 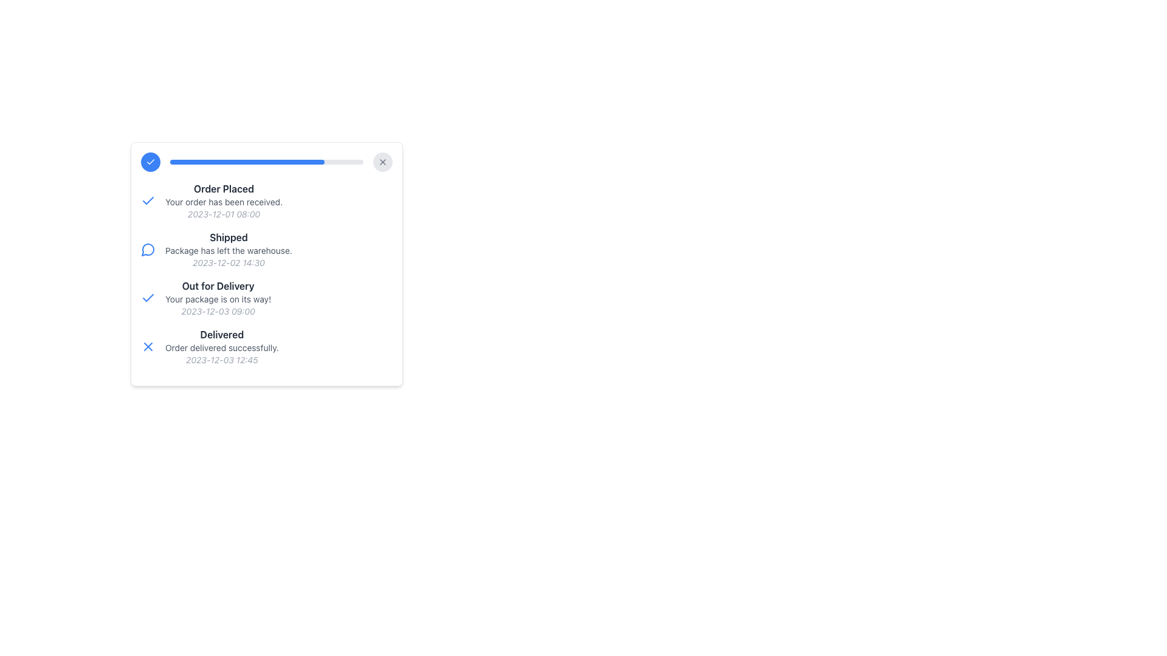 I want to click on the text element displaying 'Out for Delivery', which is styled in bold dark gray and located in the middle of the delivery status list, so click(x=218, y=285).